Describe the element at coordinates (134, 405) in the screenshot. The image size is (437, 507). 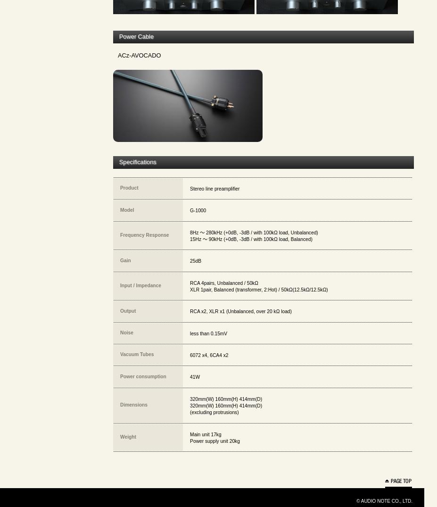
I see `'Dimensions'` at that location.